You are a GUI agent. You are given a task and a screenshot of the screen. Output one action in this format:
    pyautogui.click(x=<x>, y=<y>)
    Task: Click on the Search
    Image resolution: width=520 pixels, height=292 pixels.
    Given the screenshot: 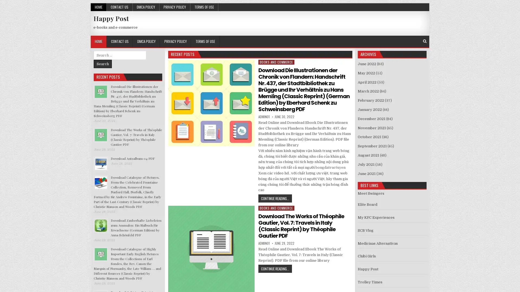 What is the action you would take?
    pyautogui.click(x=102, y=64)
    